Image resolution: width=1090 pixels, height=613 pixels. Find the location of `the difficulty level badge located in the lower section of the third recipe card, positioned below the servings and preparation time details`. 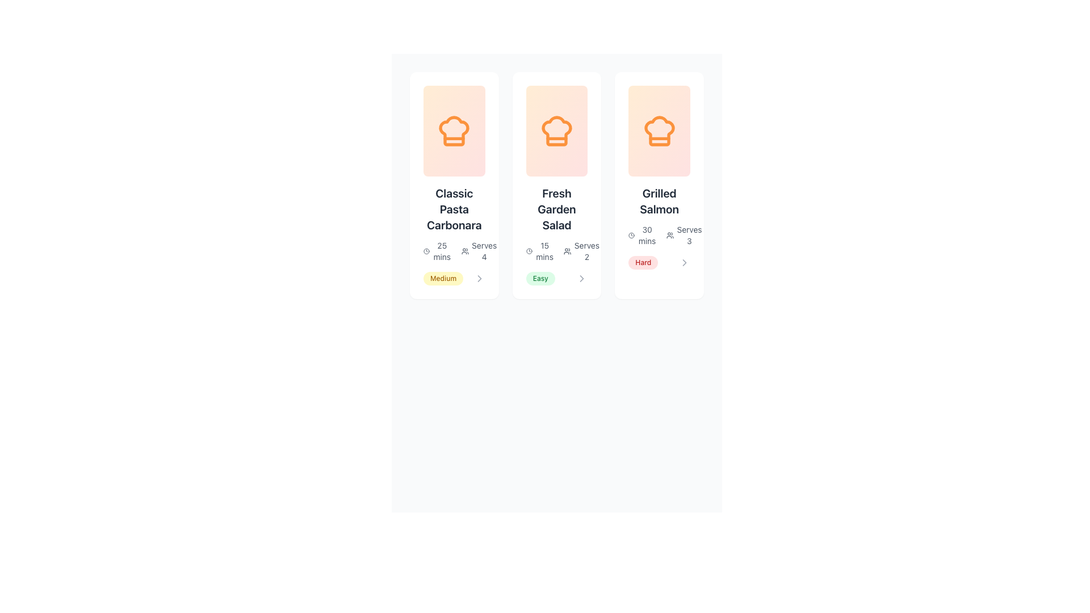

the difficulty level badge located in the lower section of the third recipe card, positioned below the servings and preparation time details is located at coordinates (643, 262).